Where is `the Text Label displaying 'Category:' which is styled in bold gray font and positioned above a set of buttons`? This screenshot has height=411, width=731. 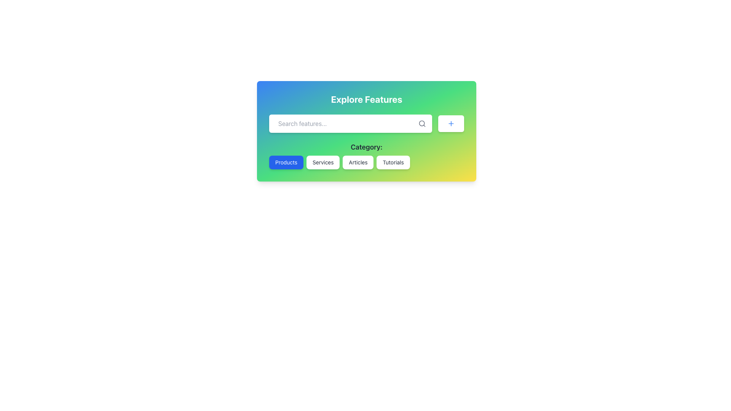 the Text Label displaying 'Category:' which is styled in bold gray font and positioned above a set of buttons is located at coordinates (367, 147).